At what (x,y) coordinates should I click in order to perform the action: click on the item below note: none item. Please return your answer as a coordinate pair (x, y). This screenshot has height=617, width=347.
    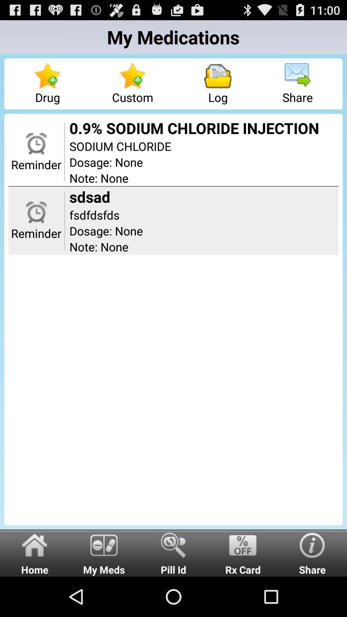
    Looking at the image, I should click on (243, 552).